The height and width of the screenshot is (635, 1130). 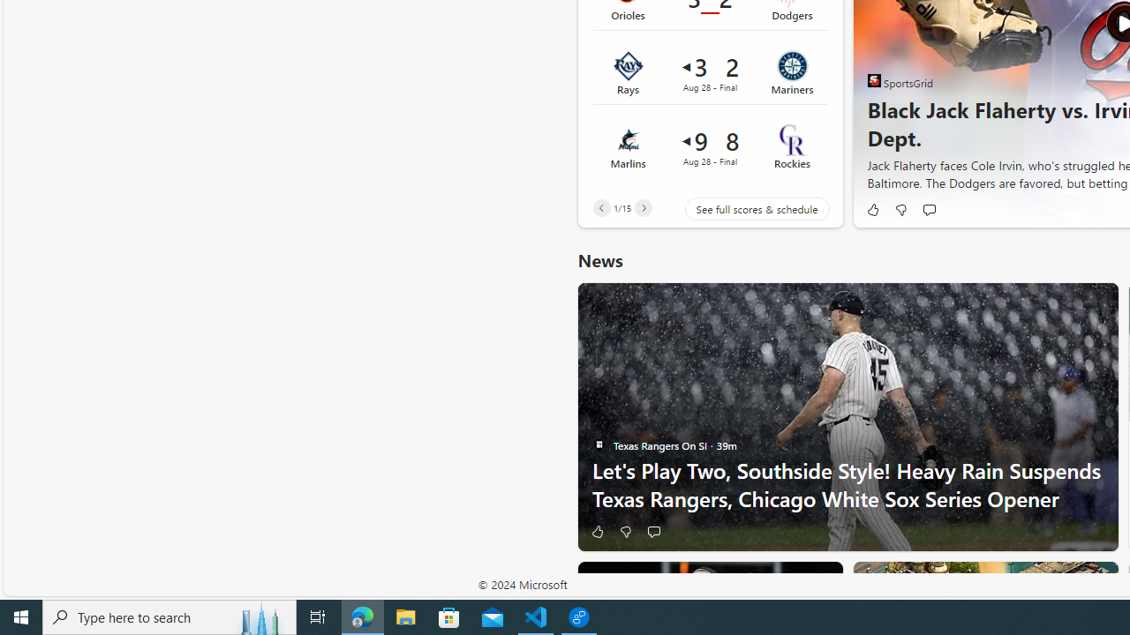 I want to click on 'Dislike', so click(x=625, y=530).